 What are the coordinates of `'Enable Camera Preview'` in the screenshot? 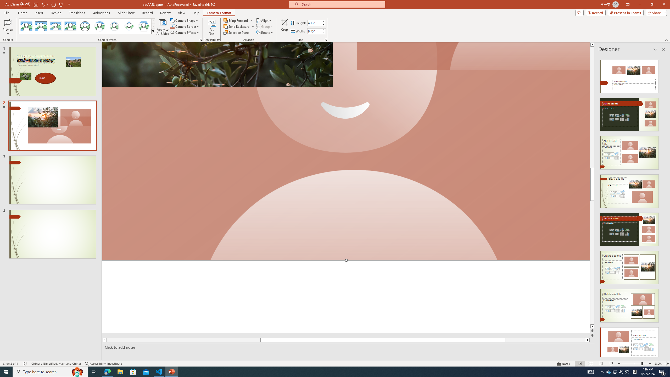 It's located at (8, 22).